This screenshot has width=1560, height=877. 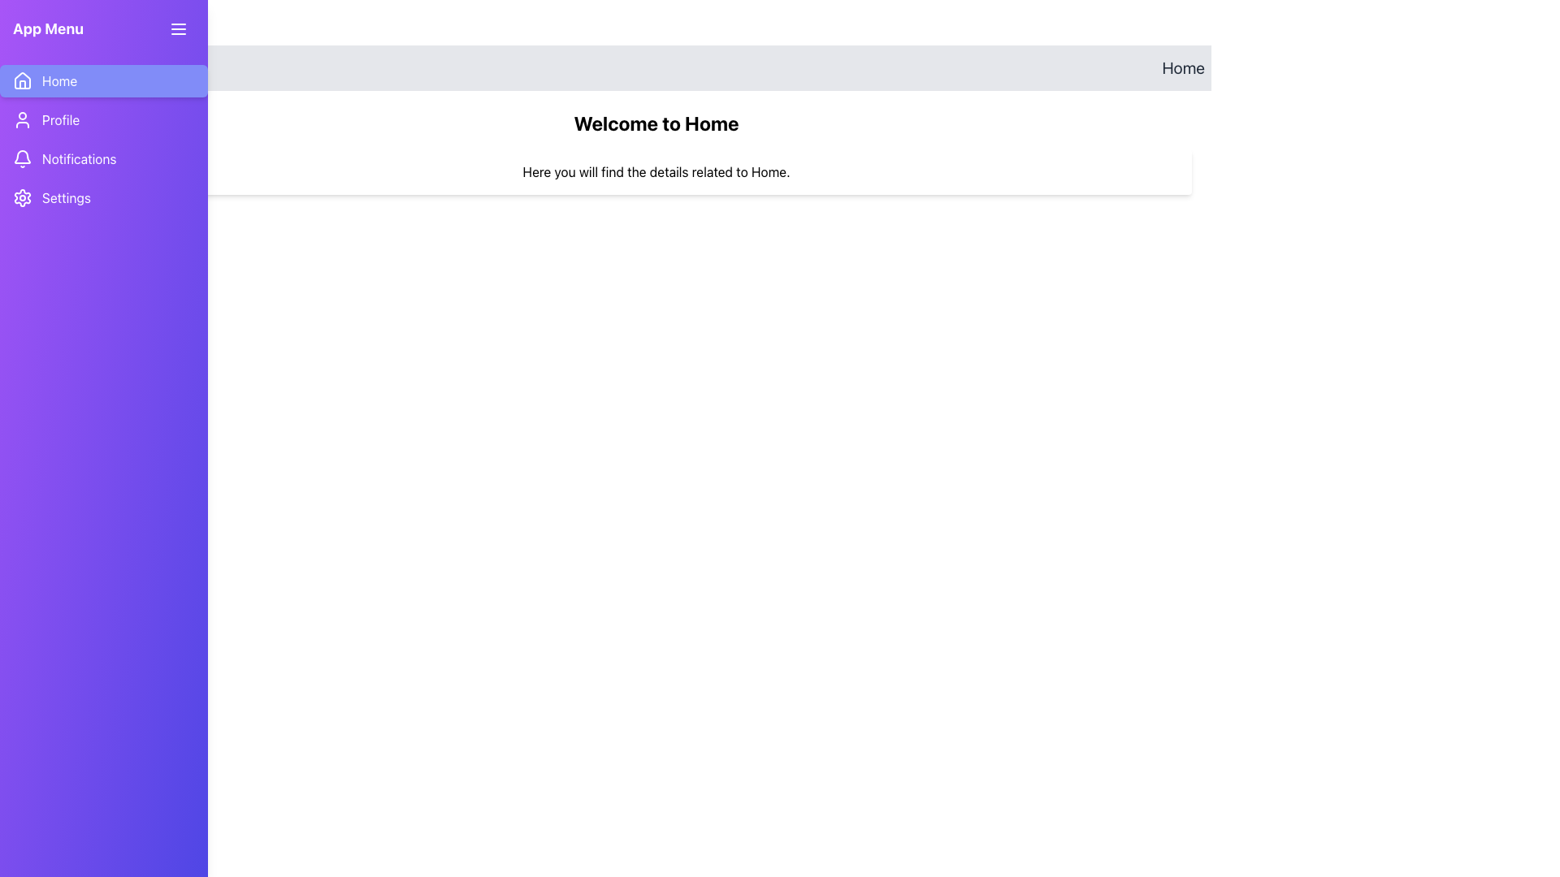 I want to click on the interactive SVG icon located at the top-right corner of the purple sidebar menu, so click(x=179, y=28).